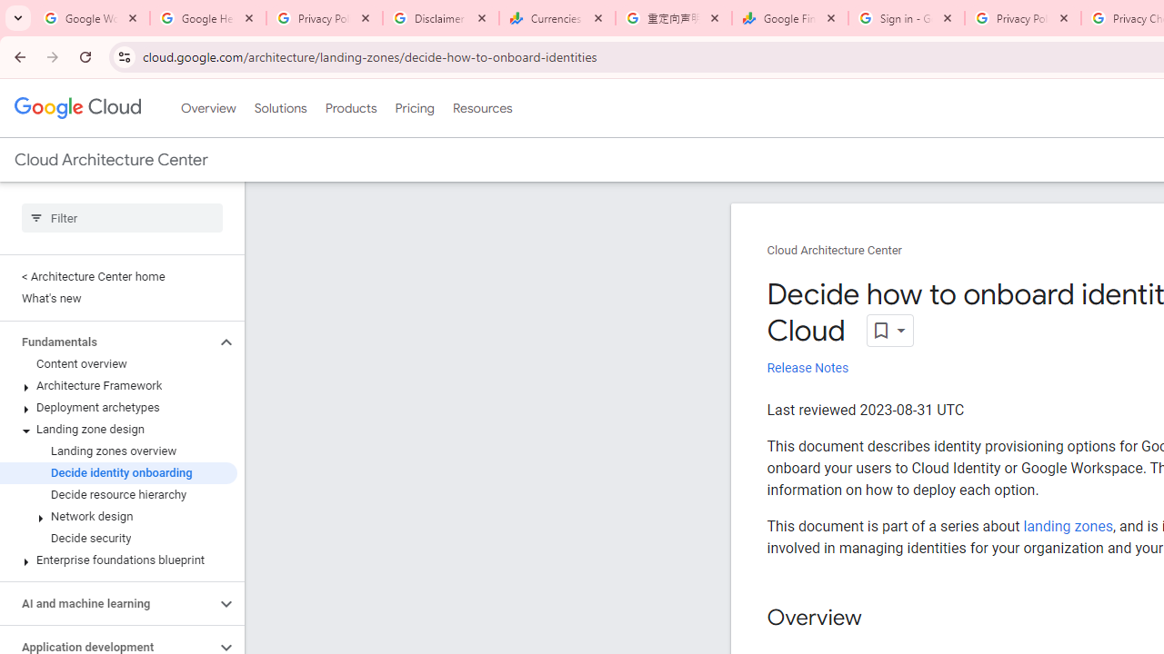 This screenshot has height=654, width=1164. Describe the element at coordinates (350, 108) in the screenshot. I see `'Products'` at that location.